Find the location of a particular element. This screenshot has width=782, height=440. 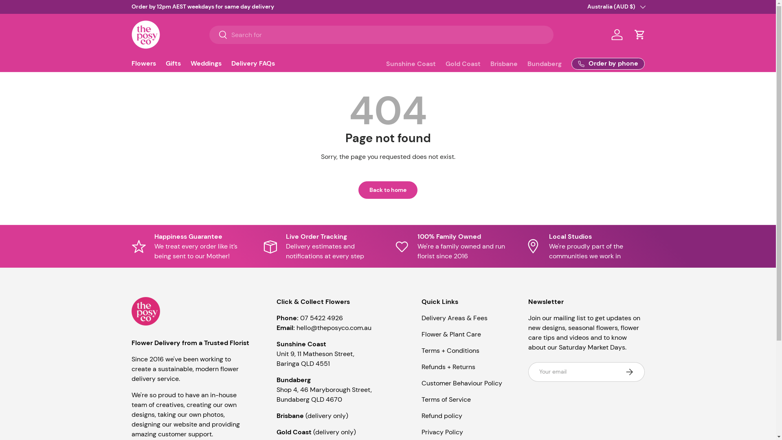

'Refunds + Returns' is located at coordinates (421, 367).